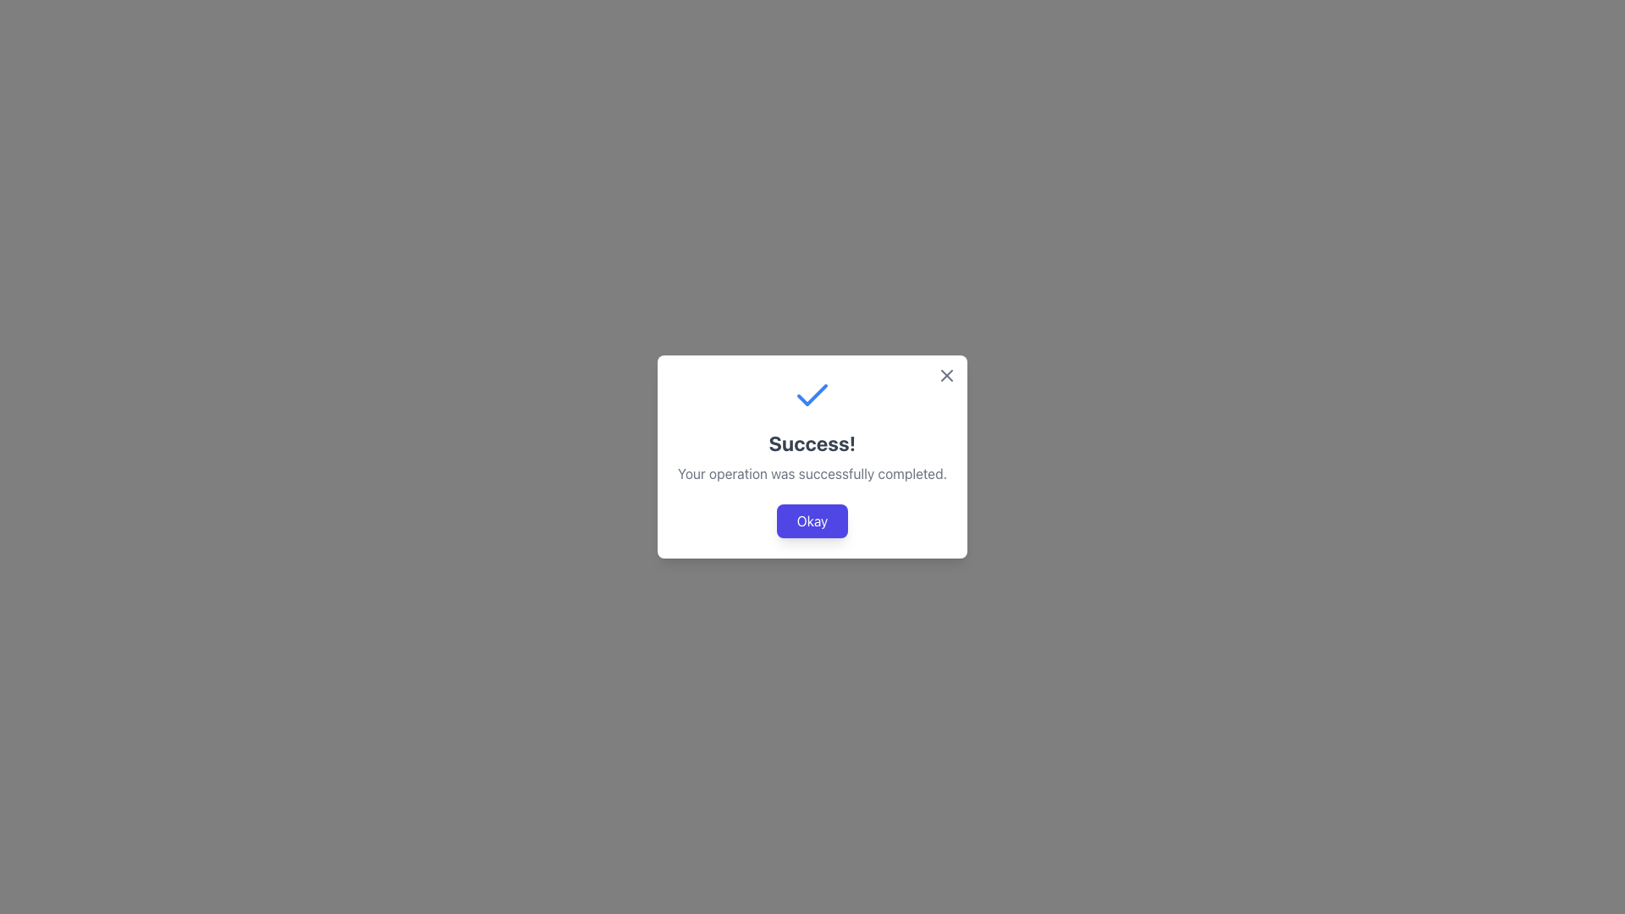  What do you see at coordinates (812, 394) in the screenshot?
I see `the blue checkmark icon indicating successful completion of a task, located at the top center of the modal confirmation dialog` at bounding box center [812, 394].